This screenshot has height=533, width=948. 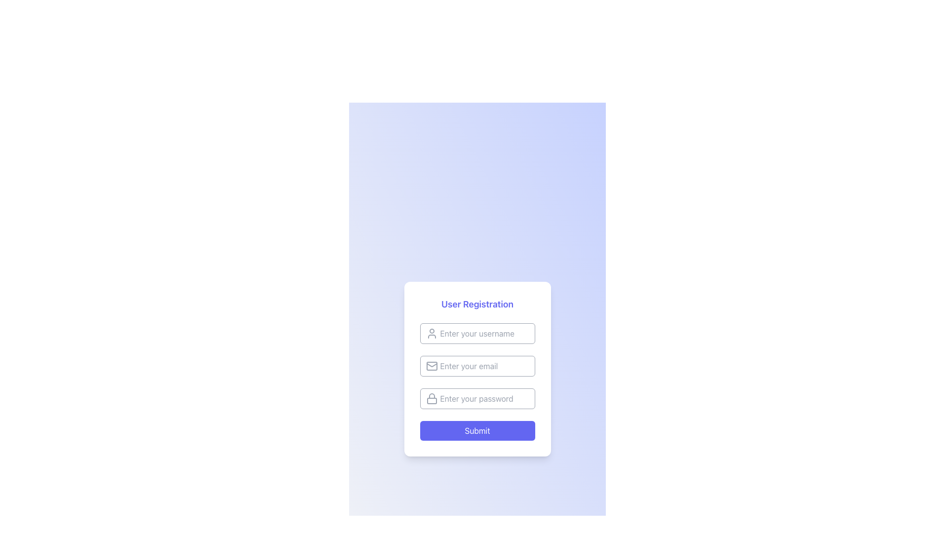 What do you see at coordinates (432, 366) in the screenshot?
I see `the decorative vector graphic rectangle that symbolizes the envelope icon, positioned to the left of the email input field in the User Registration form` at bounding box center [432, 366].